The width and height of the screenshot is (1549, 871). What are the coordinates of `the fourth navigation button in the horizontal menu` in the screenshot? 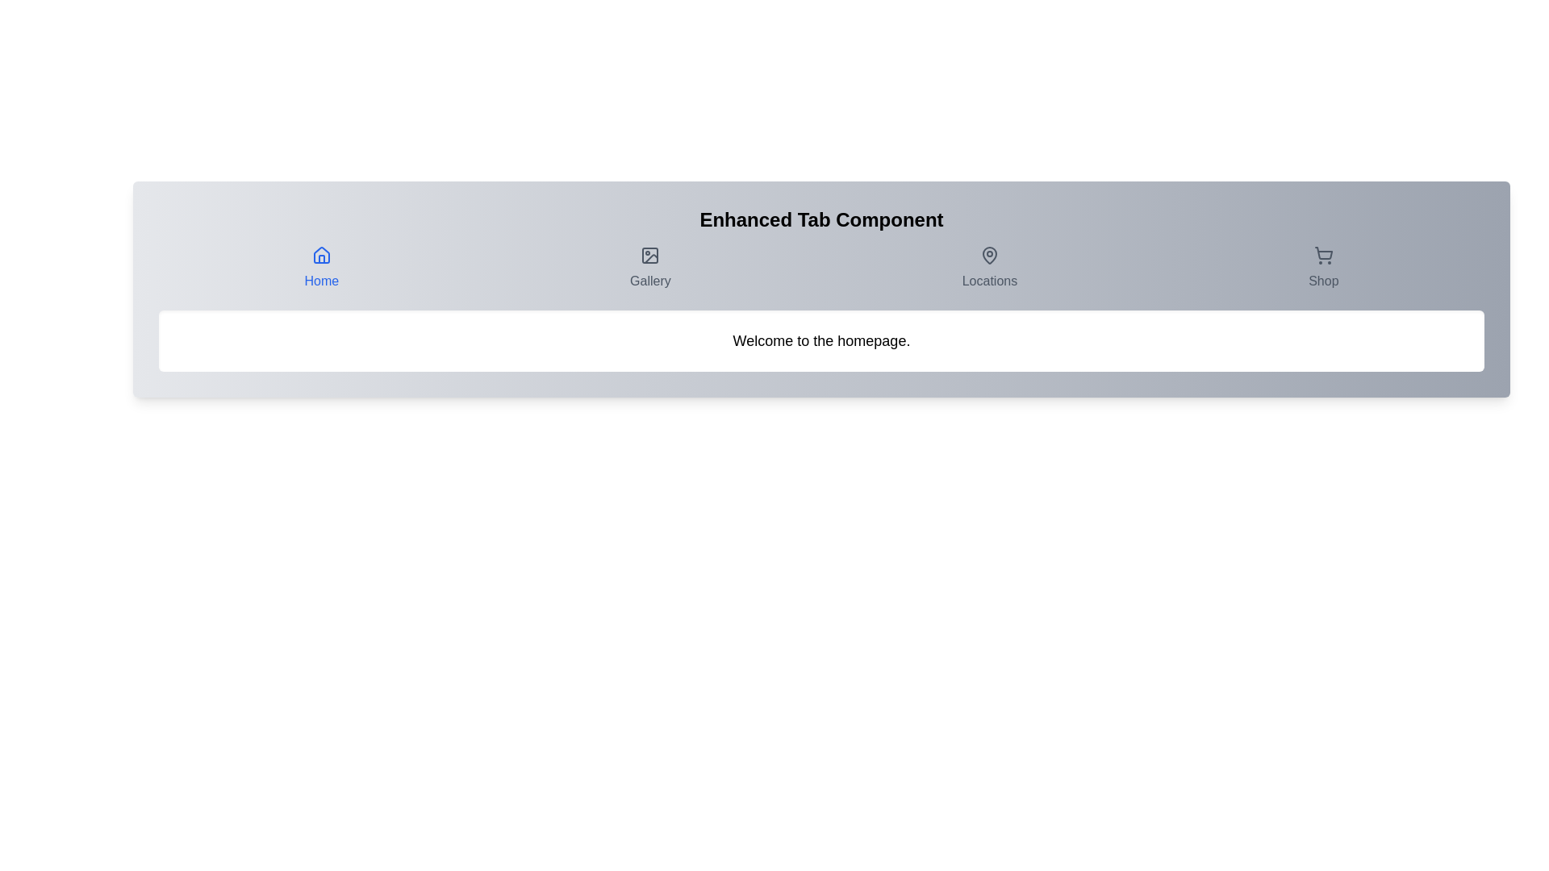 It's located at (1323, 267).